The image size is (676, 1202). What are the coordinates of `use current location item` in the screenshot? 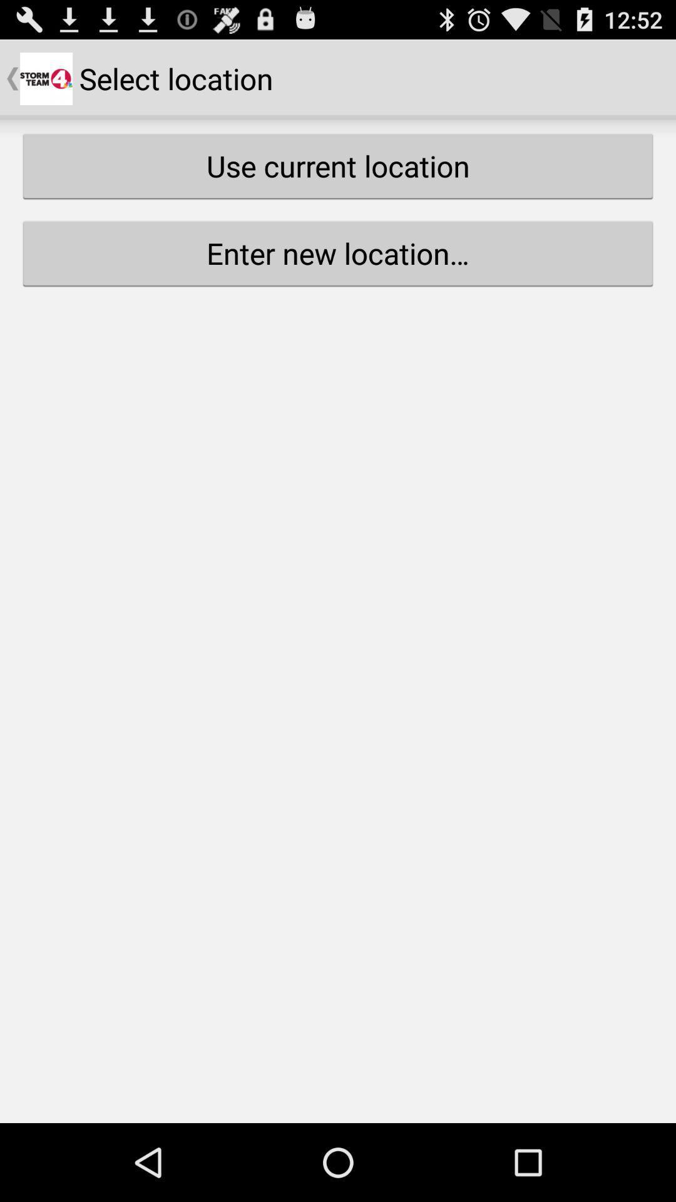 It's located at (338, 165).